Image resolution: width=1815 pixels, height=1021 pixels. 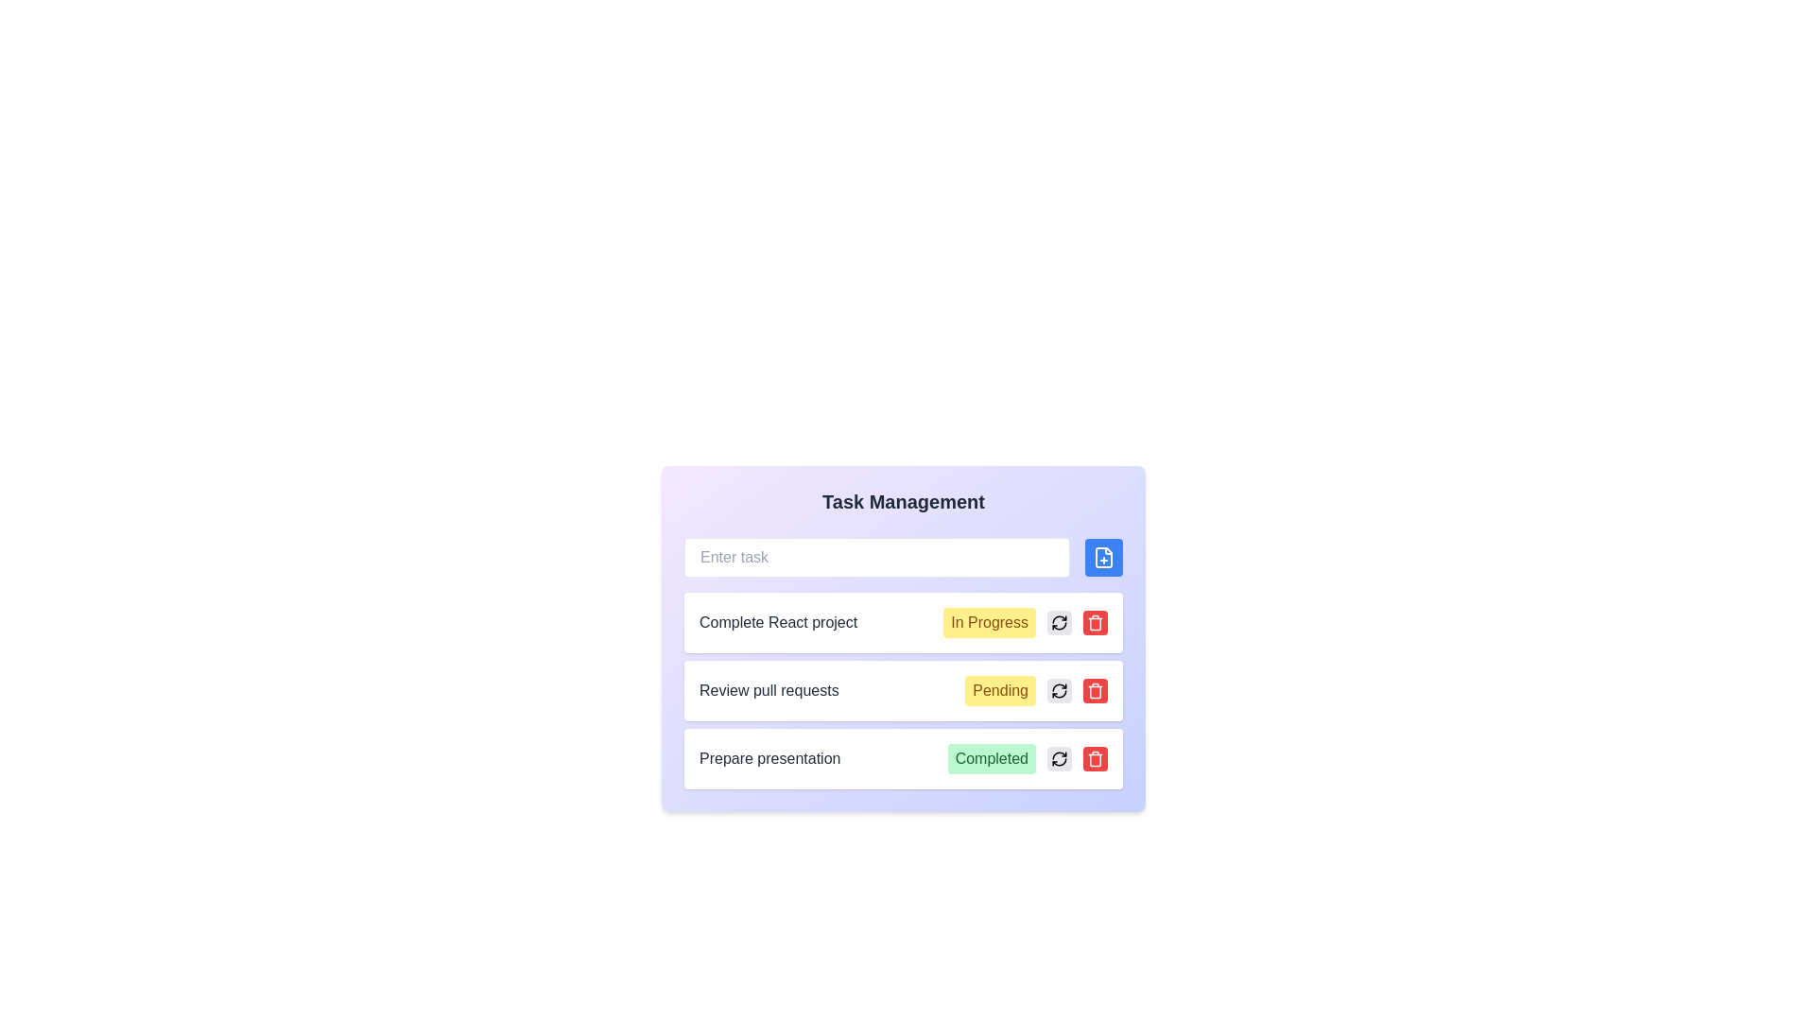 I want to click on the refresh SVG icon located in the task row titled 'Review pull requests', so click(x=1060, y=623).